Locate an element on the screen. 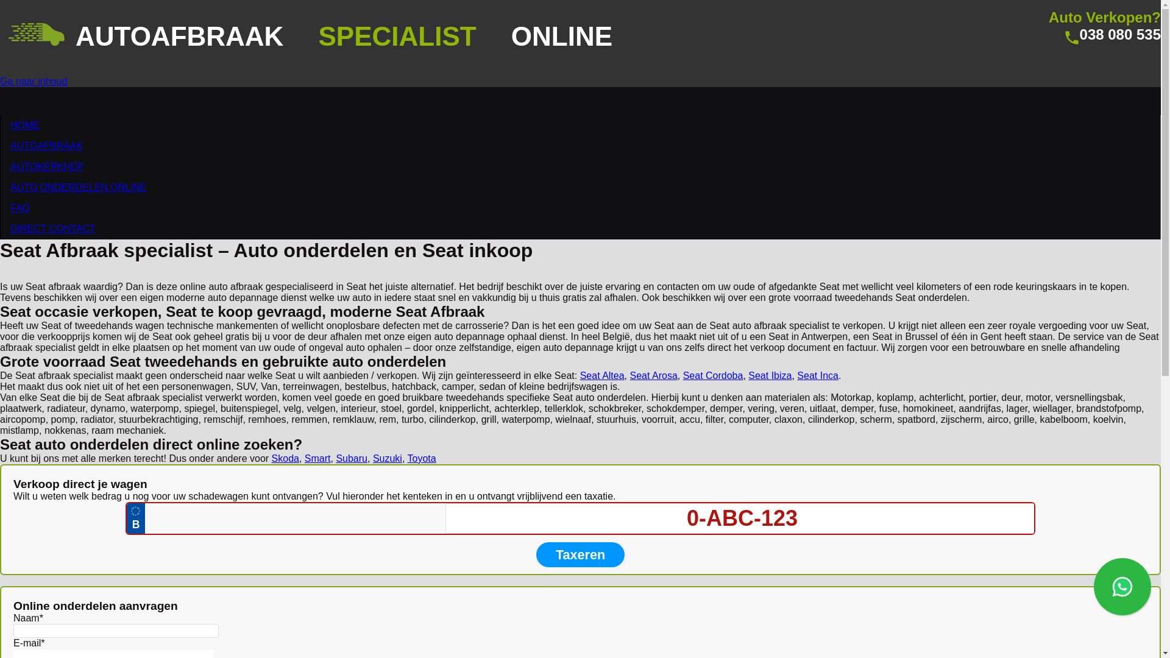 Image resolution: width=1170 pixels, height=658 pixels. 'Skoda' is located at coordinates (271, 458).